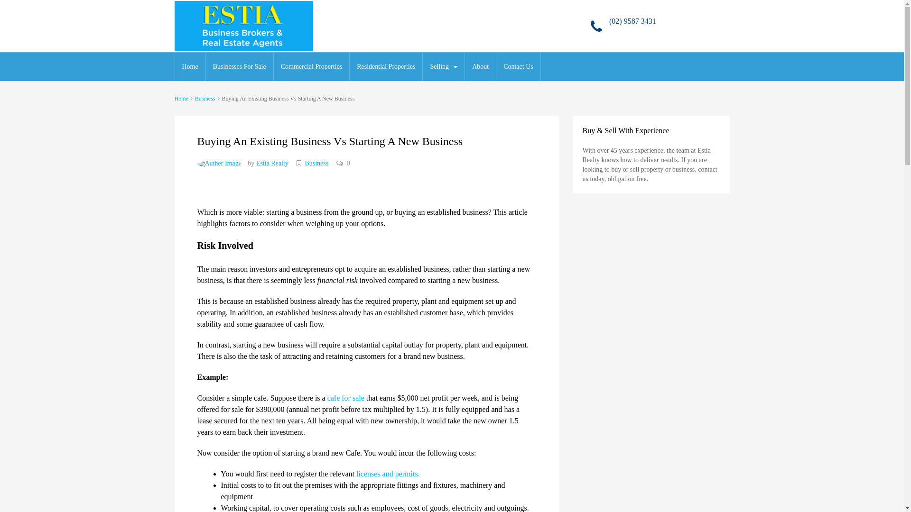 Image resolution: width=911 pixels, height=512 pixels. I want to click on 'Selling', so click(443, 66).